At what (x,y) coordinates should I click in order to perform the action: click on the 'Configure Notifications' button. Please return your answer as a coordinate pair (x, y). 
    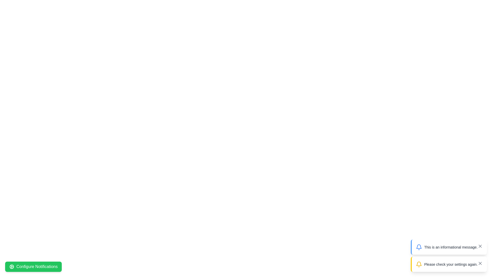
    Looking at the image, I should click on (33, 266).